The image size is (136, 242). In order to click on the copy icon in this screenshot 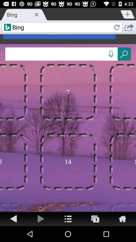, I will do `click(95, 234)`.